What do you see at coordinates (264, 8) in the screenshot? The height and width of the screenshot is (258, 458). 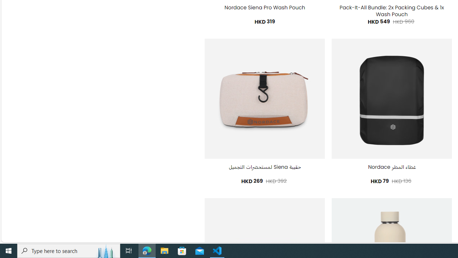 I see `'Nordace Siena Pro Wash Pouch'` at bounding box center [264, 8].